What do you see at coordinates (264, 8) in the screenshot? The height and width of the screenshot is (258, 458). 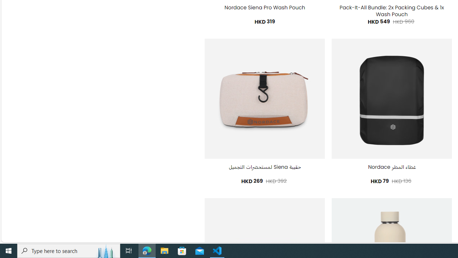 I see `'Nordace Siena Pro Wash Pouch'` at bounding box center [264, 8].